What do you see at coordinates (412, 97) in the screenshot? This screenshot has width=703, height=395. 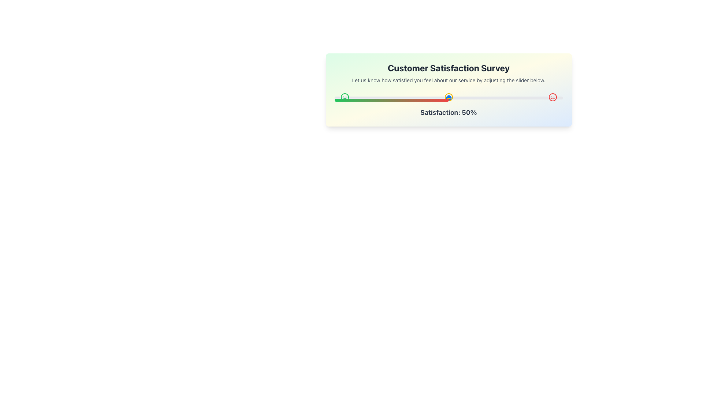 I see `satisfaction level` at bounding box center [412, 97].